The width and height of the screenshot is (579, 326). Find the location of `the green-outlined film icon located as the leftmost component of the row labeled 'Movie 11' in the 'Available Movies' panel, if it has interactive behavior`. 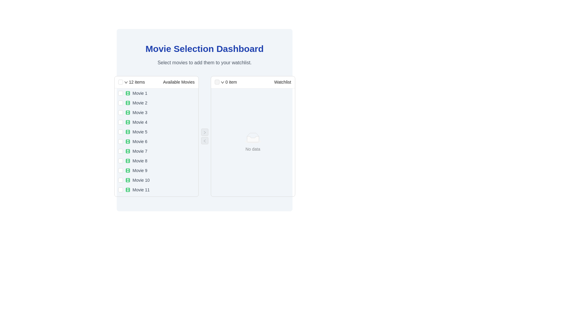

the green-outlined film icon located as the leftmost component of the row labeled 'Movie 11' in the 'Available Movies' panel, if it has interactive behavior is located at coordinates (127, 189).